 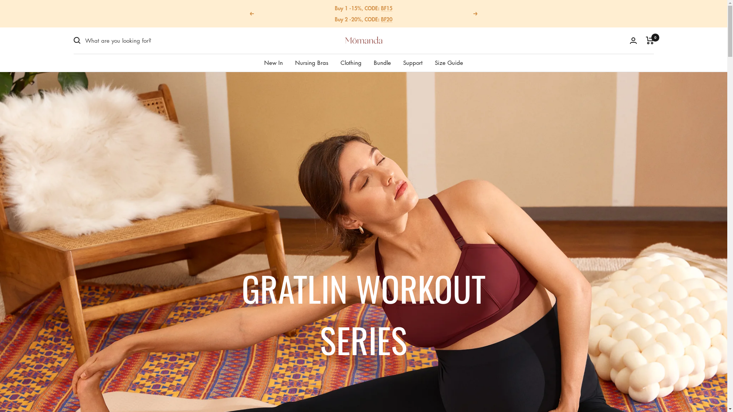 I want to click on 'Nursing Bras', so click(x=294, y=61).